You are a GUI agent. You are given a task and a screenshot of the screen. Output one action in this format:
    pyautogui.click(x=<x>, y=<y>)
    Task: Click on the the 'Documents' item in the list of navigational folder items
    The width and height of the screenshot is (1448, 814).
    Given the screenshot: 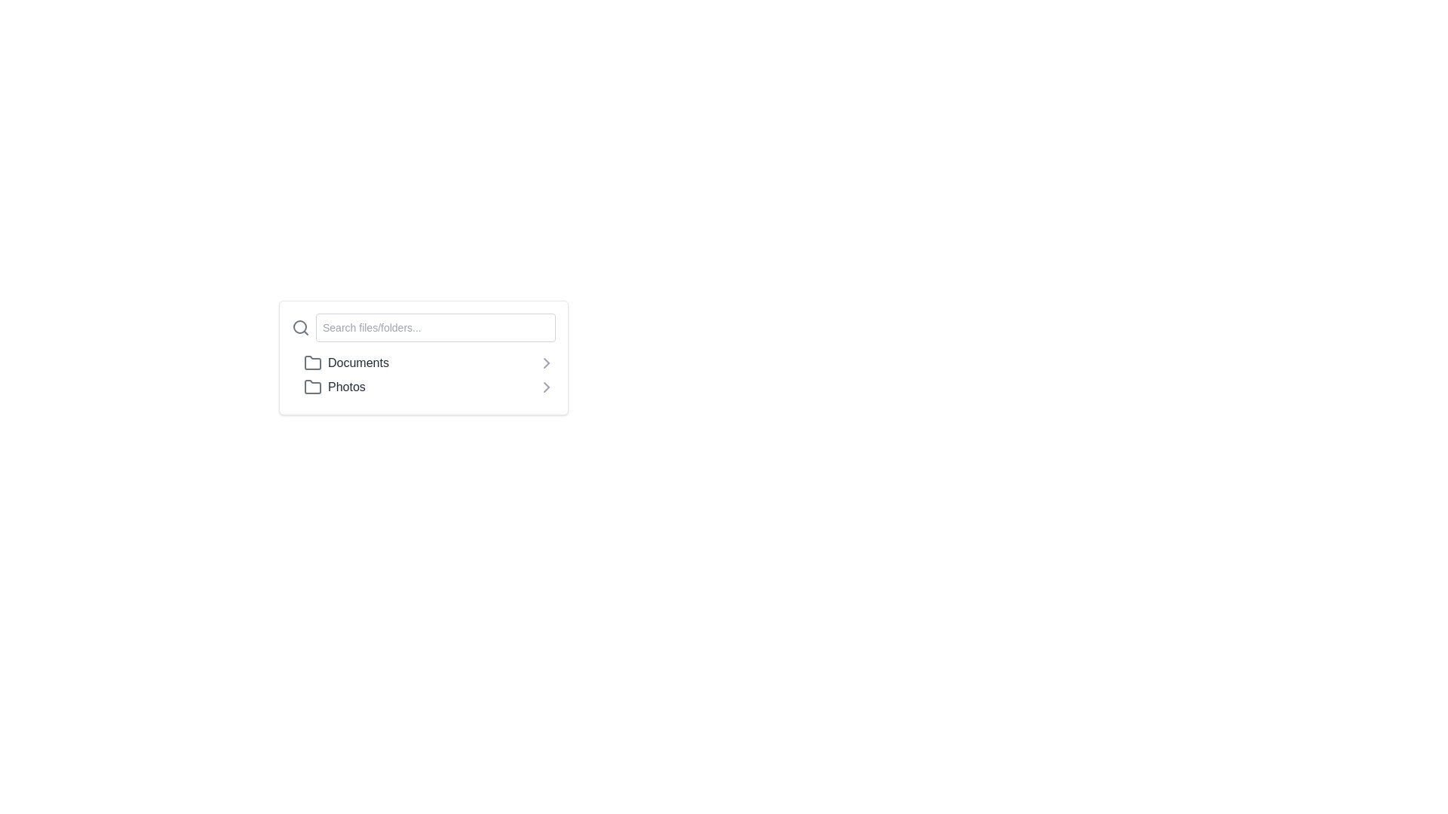 What is the action you would take?
    pyautogui.click(x=422, y=374)
    